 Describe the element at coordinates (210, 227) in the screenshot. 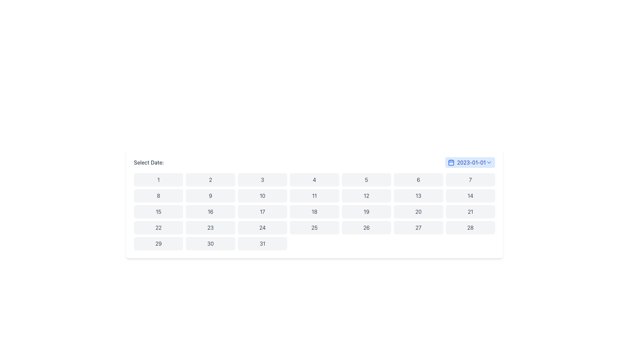

I see `the rectangular button with a light gray background and the number '23' centered in black text` at that location.